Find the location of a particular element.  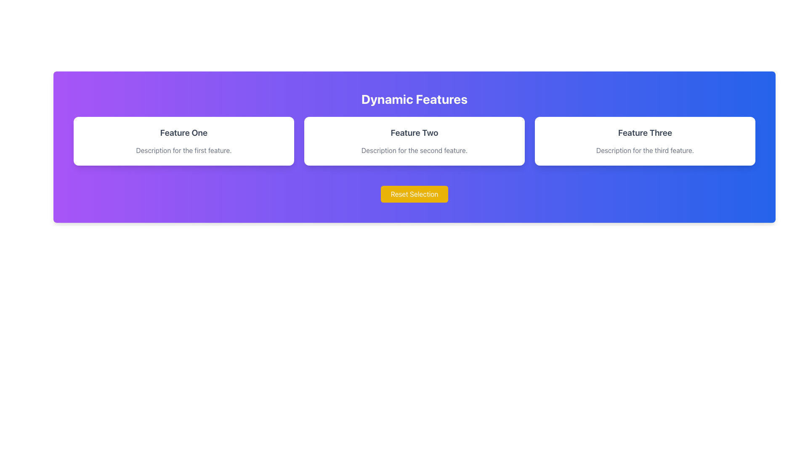

the white card labeled 'Feature Two' which is the second card in a row of three cards within the section labeled 'Dynamic Features.' is located at coordinates (414, 140).